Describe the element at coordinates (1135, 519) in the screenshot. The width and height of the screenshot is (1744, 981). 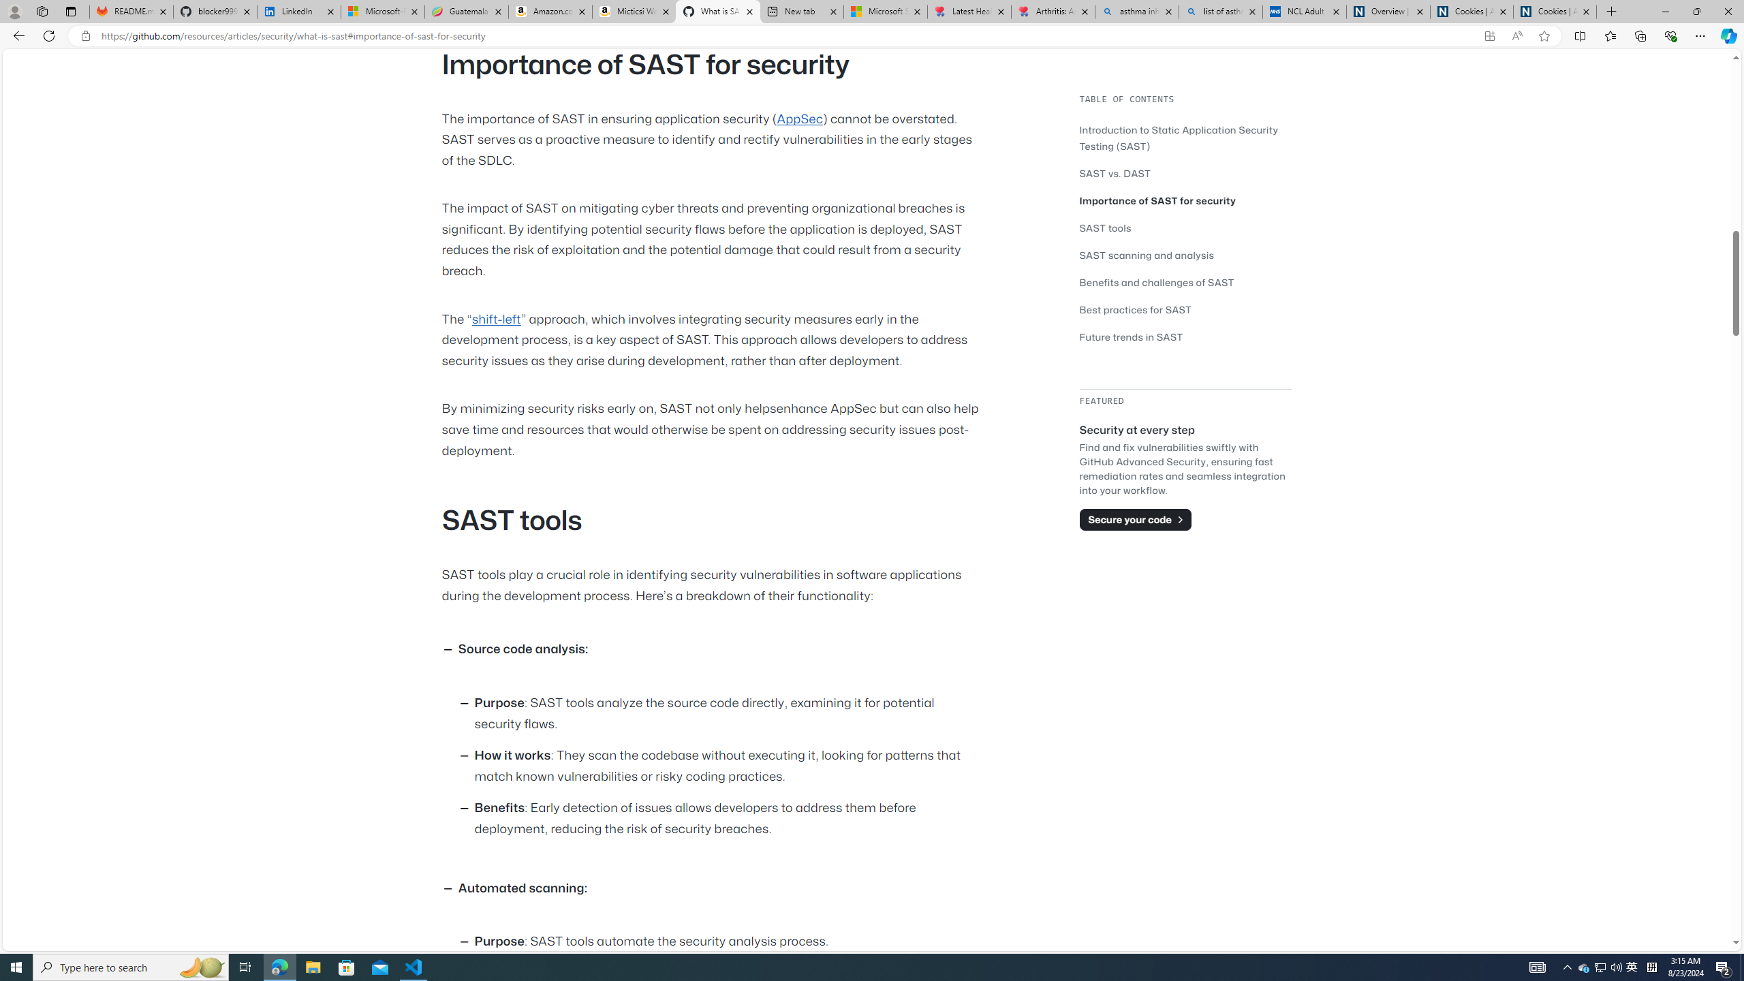
I see `'Secure your code'` at that location.